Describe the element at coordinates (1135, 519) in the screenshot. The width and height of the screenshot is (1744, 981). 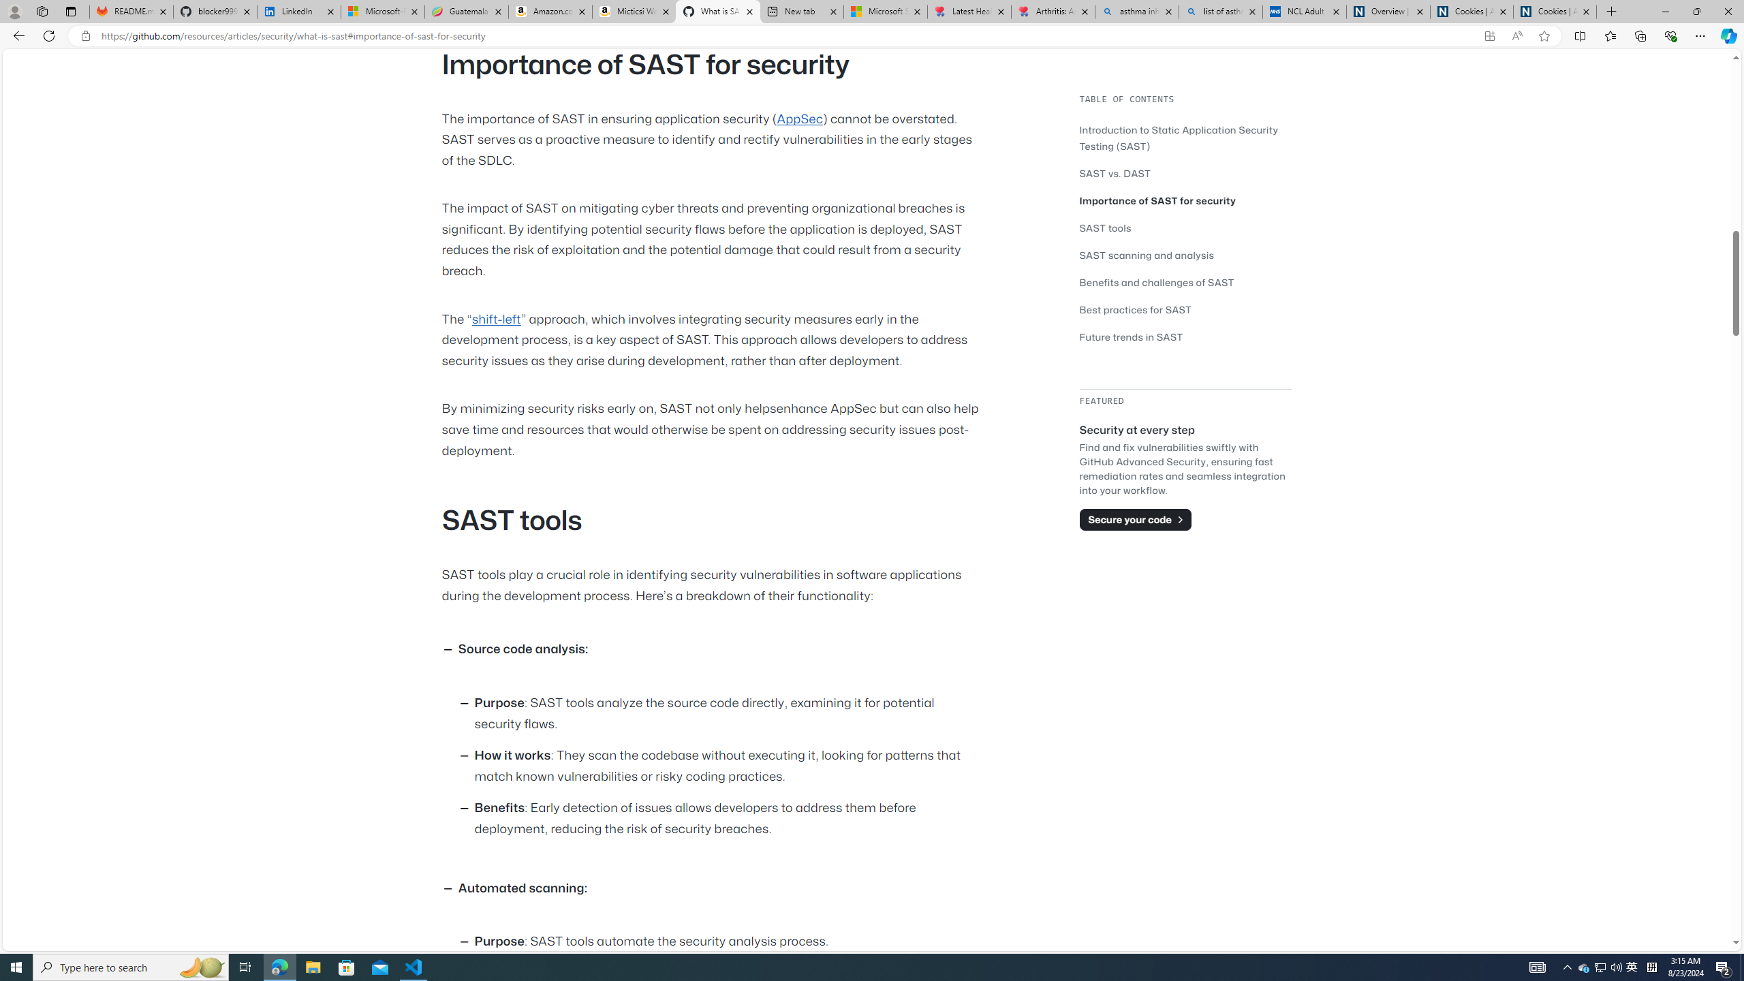
I see `'Secure your code'` at that location.